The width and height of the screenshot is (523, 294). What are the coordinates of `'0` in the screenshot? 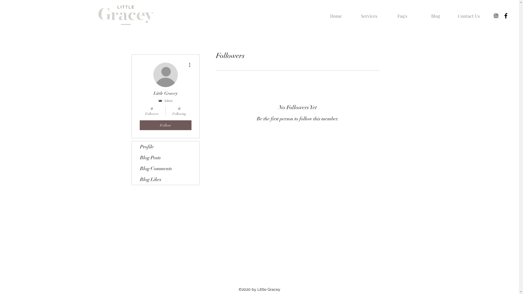 It's located at (151, 111).